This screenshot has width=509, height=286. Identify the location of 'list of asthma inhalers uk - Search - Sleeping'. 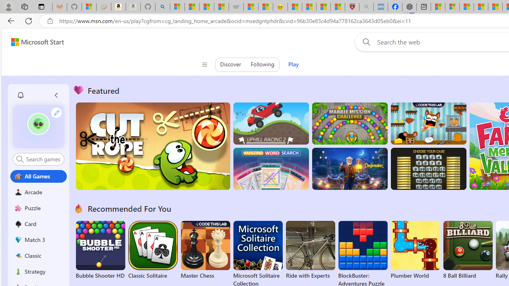
(366, 7).